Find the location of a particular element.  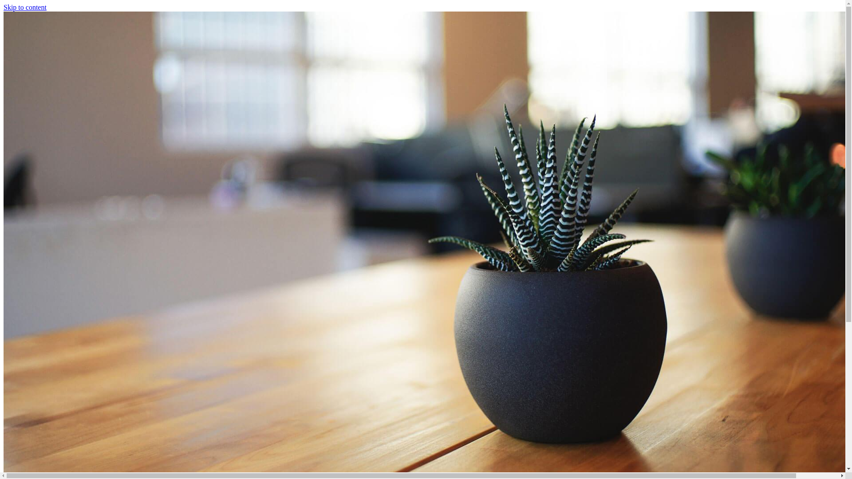

'Skip to content' is located at coordinates (25, 7).